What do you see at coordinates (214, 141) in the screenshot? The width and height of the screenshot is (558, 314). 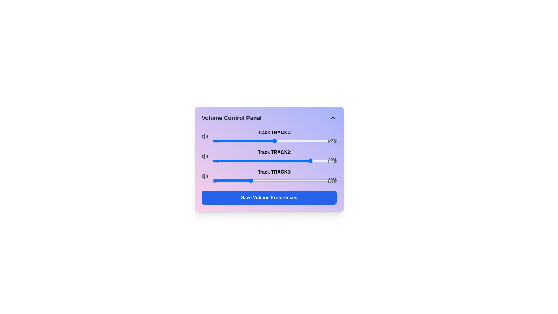 I see `the volume of 'Track TRACK1'` at bounding box center [214, 141].